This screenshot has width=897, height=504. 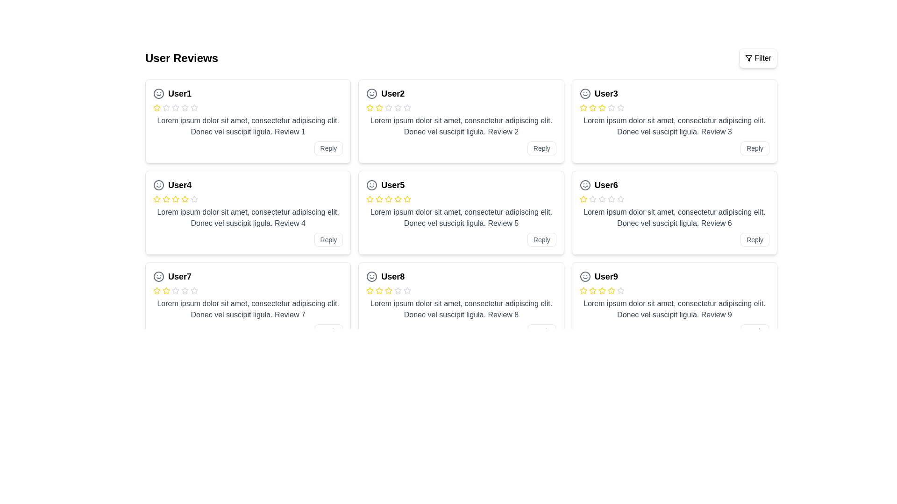 What do you see at coordinates (398, 198) in the screenshot?
I see `the third star icon in the 5-star rating system on User5's review card to set a rating` at bounding box center [398, 198].